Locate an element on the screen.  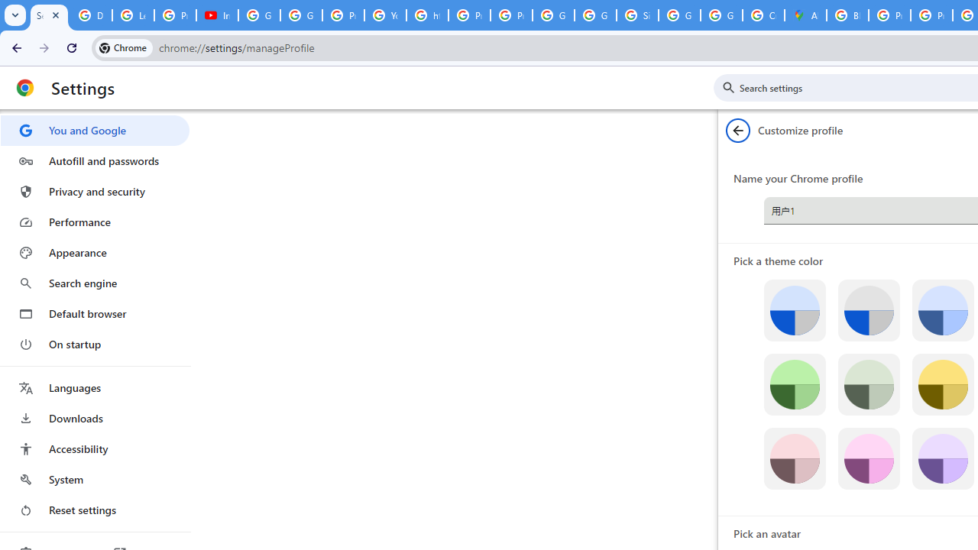
'Languages' is located at coordinates (94, 387).